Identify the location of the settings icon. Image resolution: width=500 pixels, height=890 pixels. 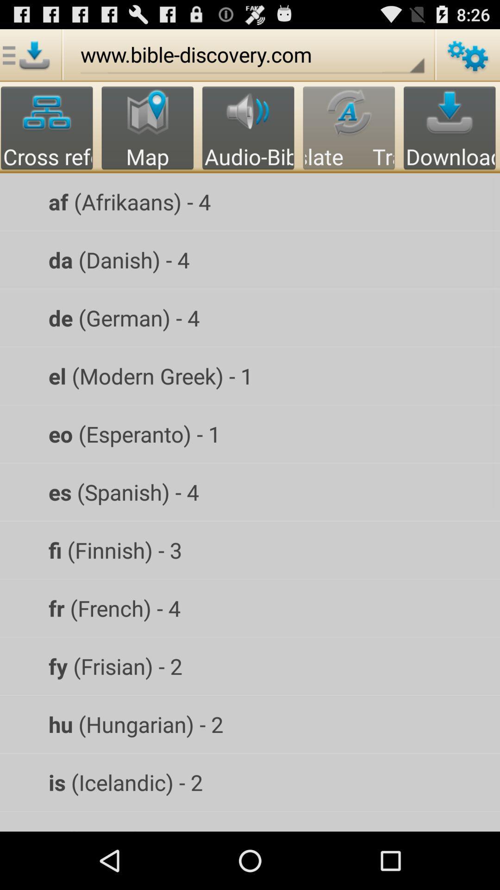
(467, 59).